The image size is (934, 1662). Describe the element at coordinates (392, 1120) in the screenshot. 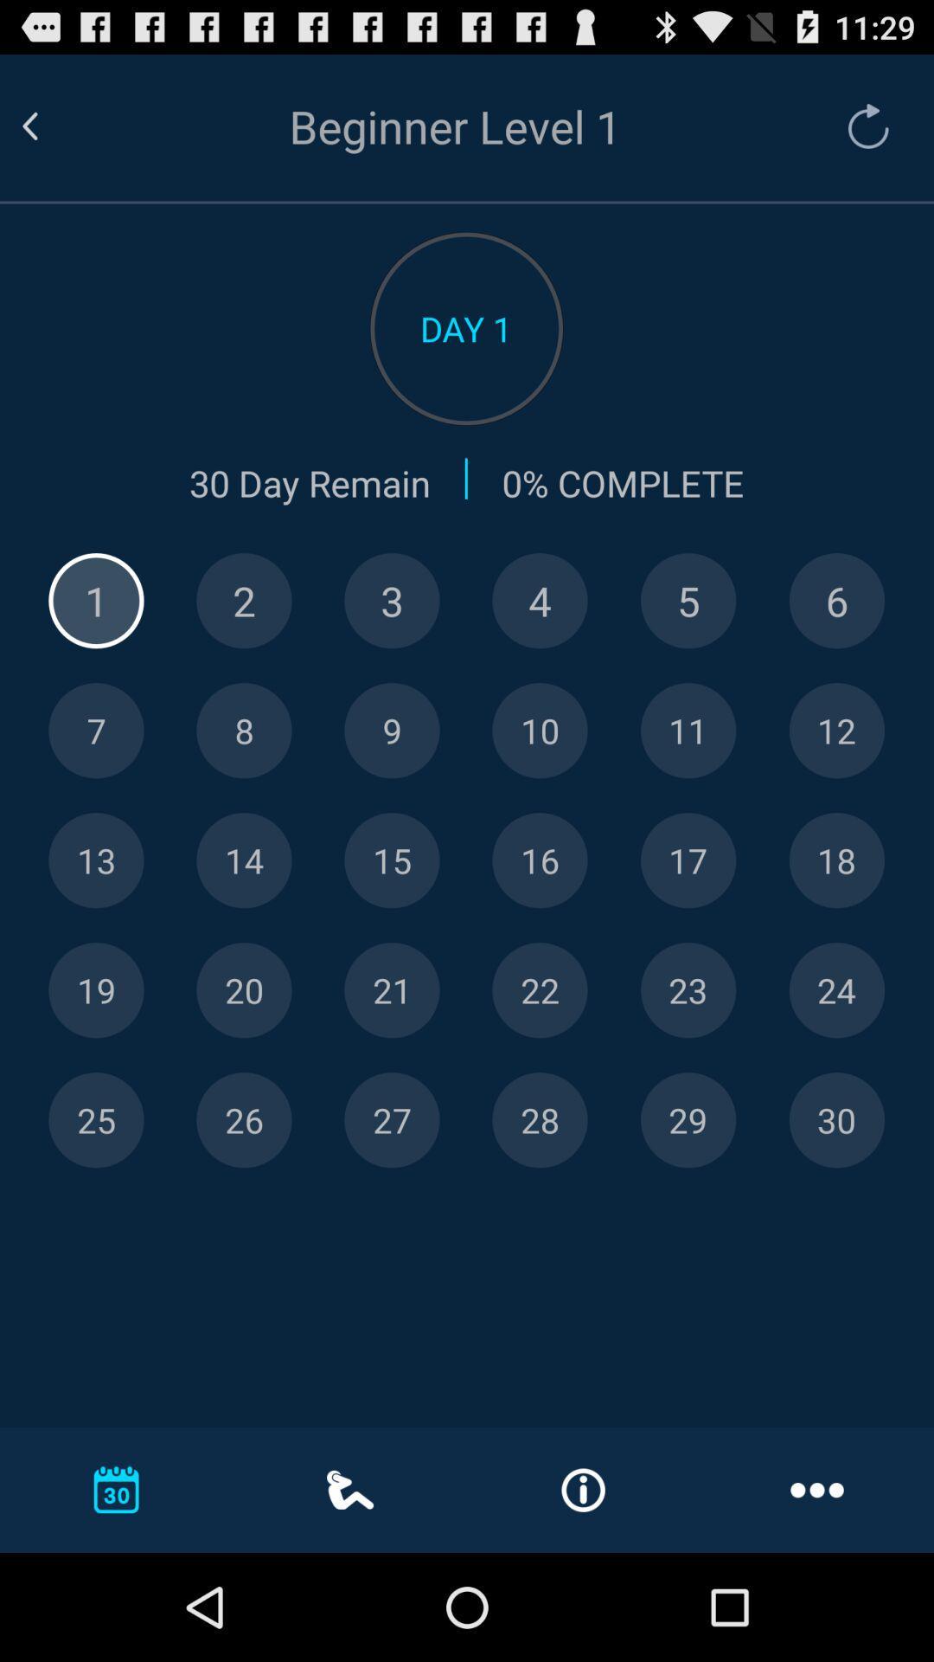

I see `level selection` at that location.